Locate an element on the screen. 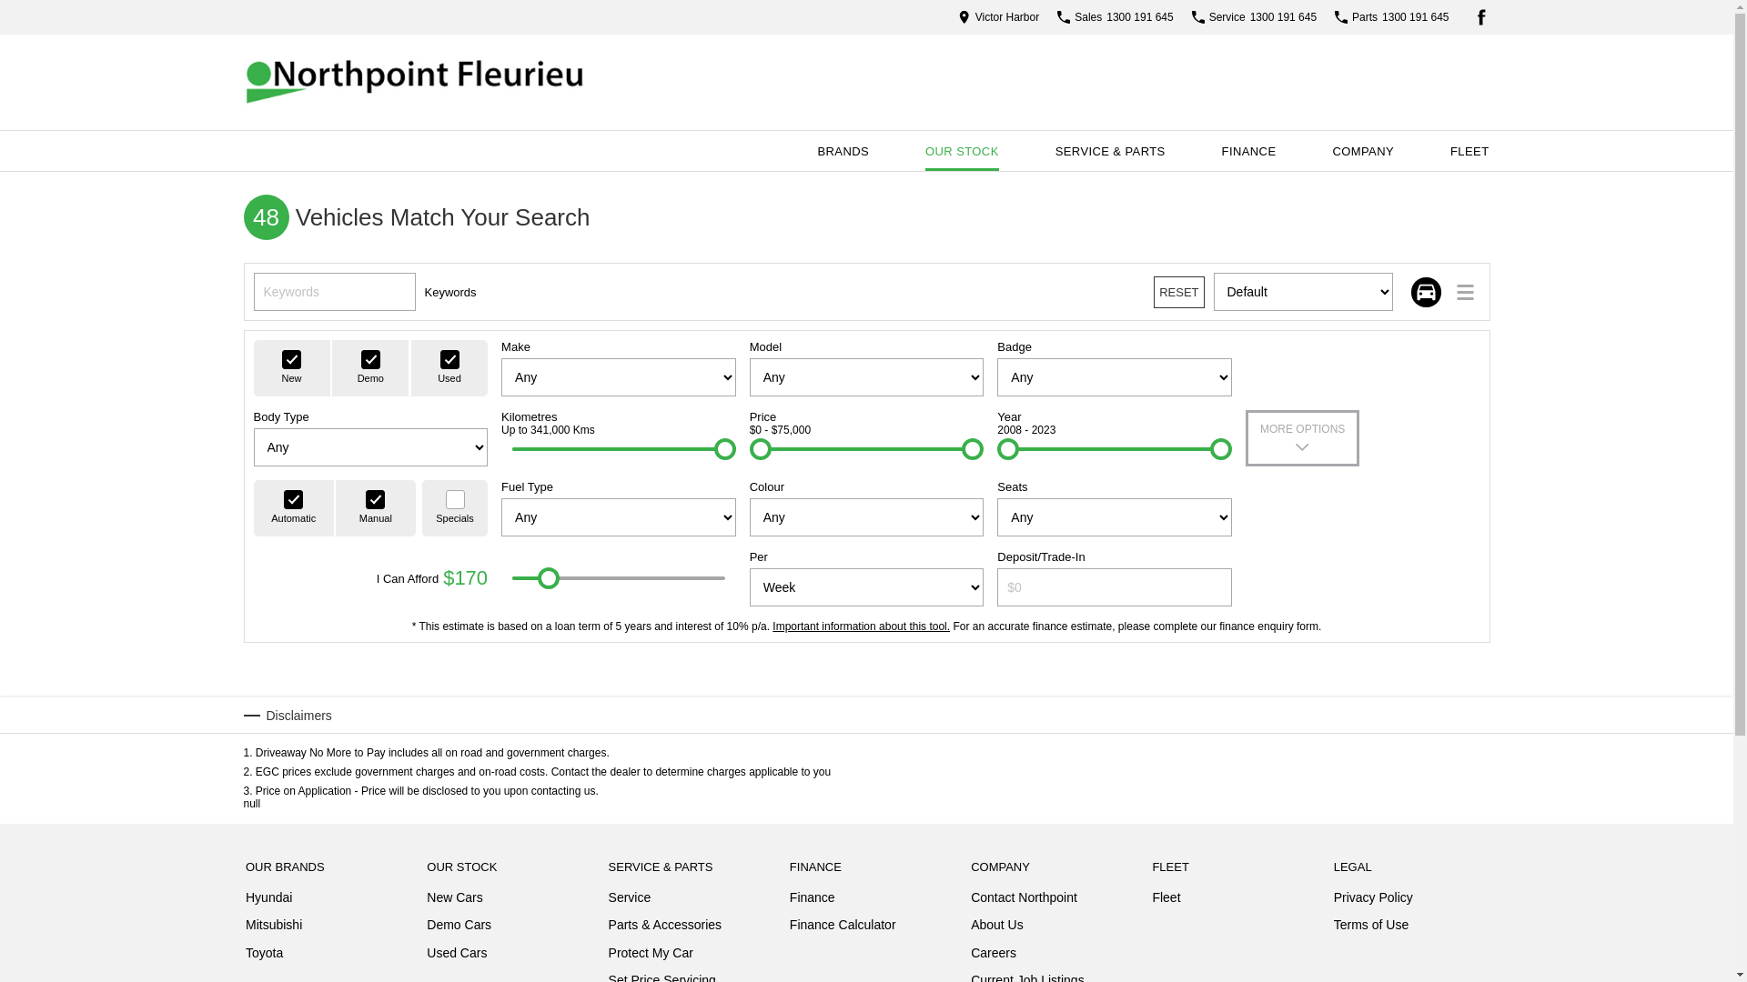 The height and width of the screenshot is (982, 1747). 'Parts is located at coordinates (1335, 16).